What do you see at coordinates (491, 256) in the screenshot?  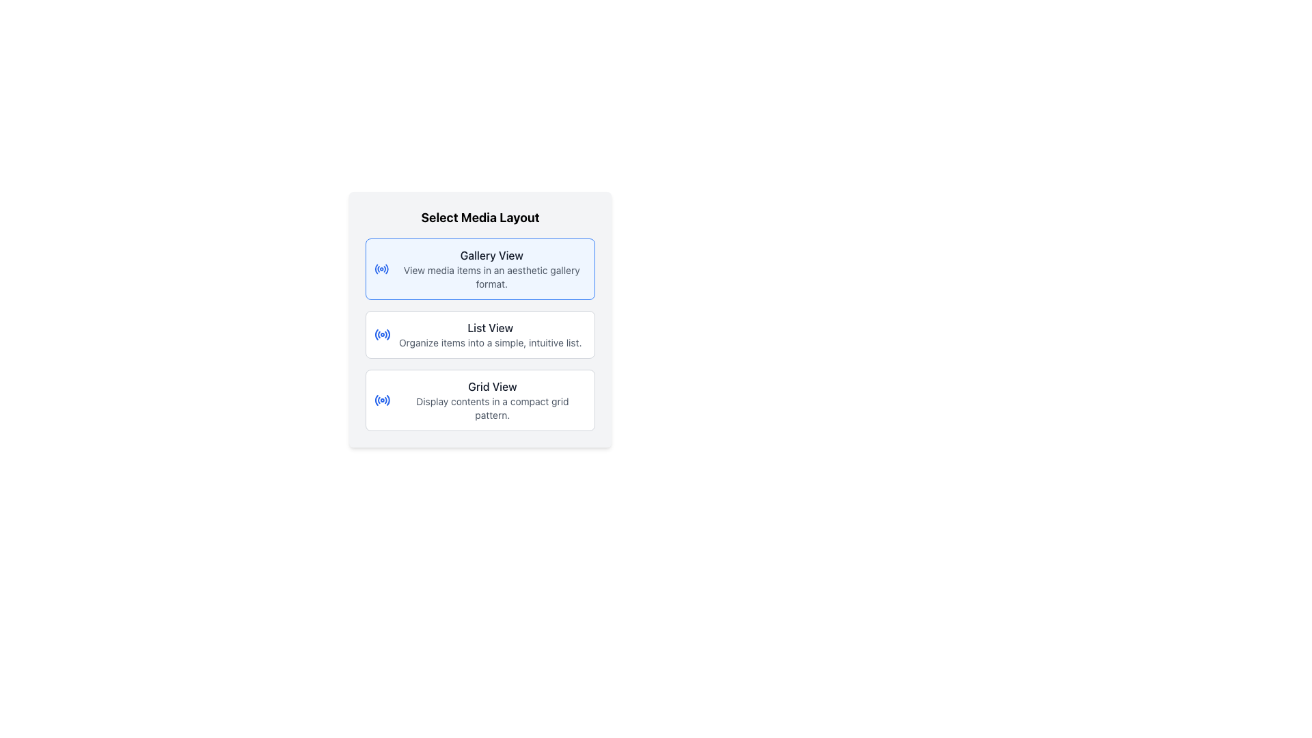 I see `the Text label that serves as the title for the media layout options, located at the top-left of the dialog box` at bounding box center [491, 256].